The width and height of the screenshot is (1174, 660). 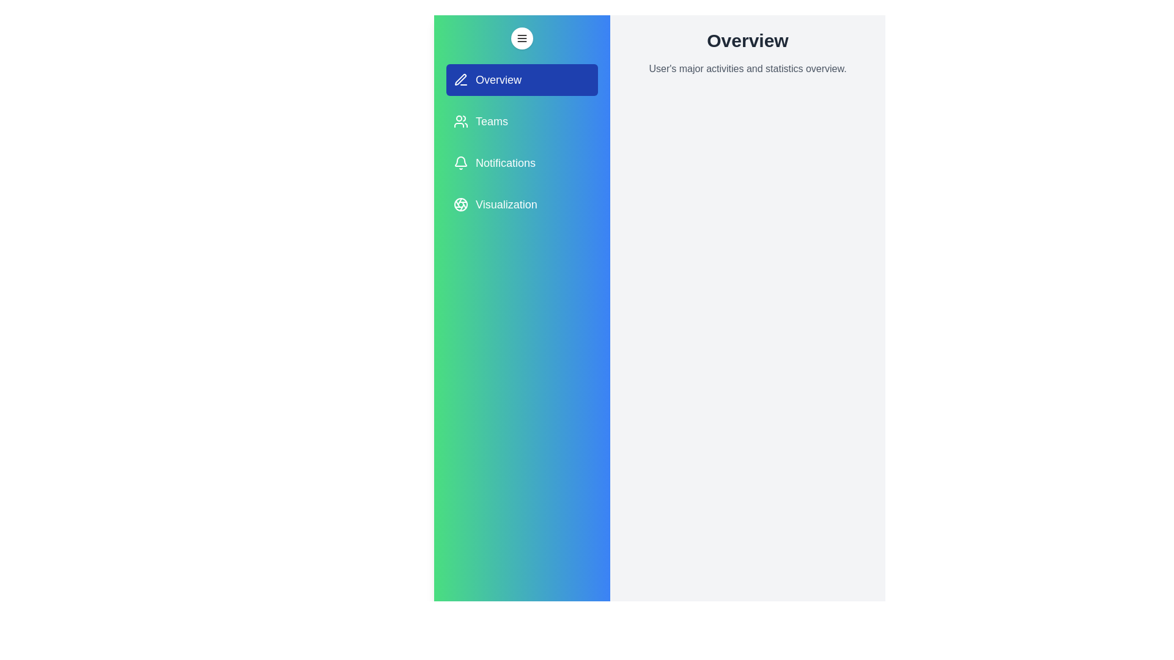 I want to click on the tab labeled Overview from the drawer, so click(x=522, y=80).